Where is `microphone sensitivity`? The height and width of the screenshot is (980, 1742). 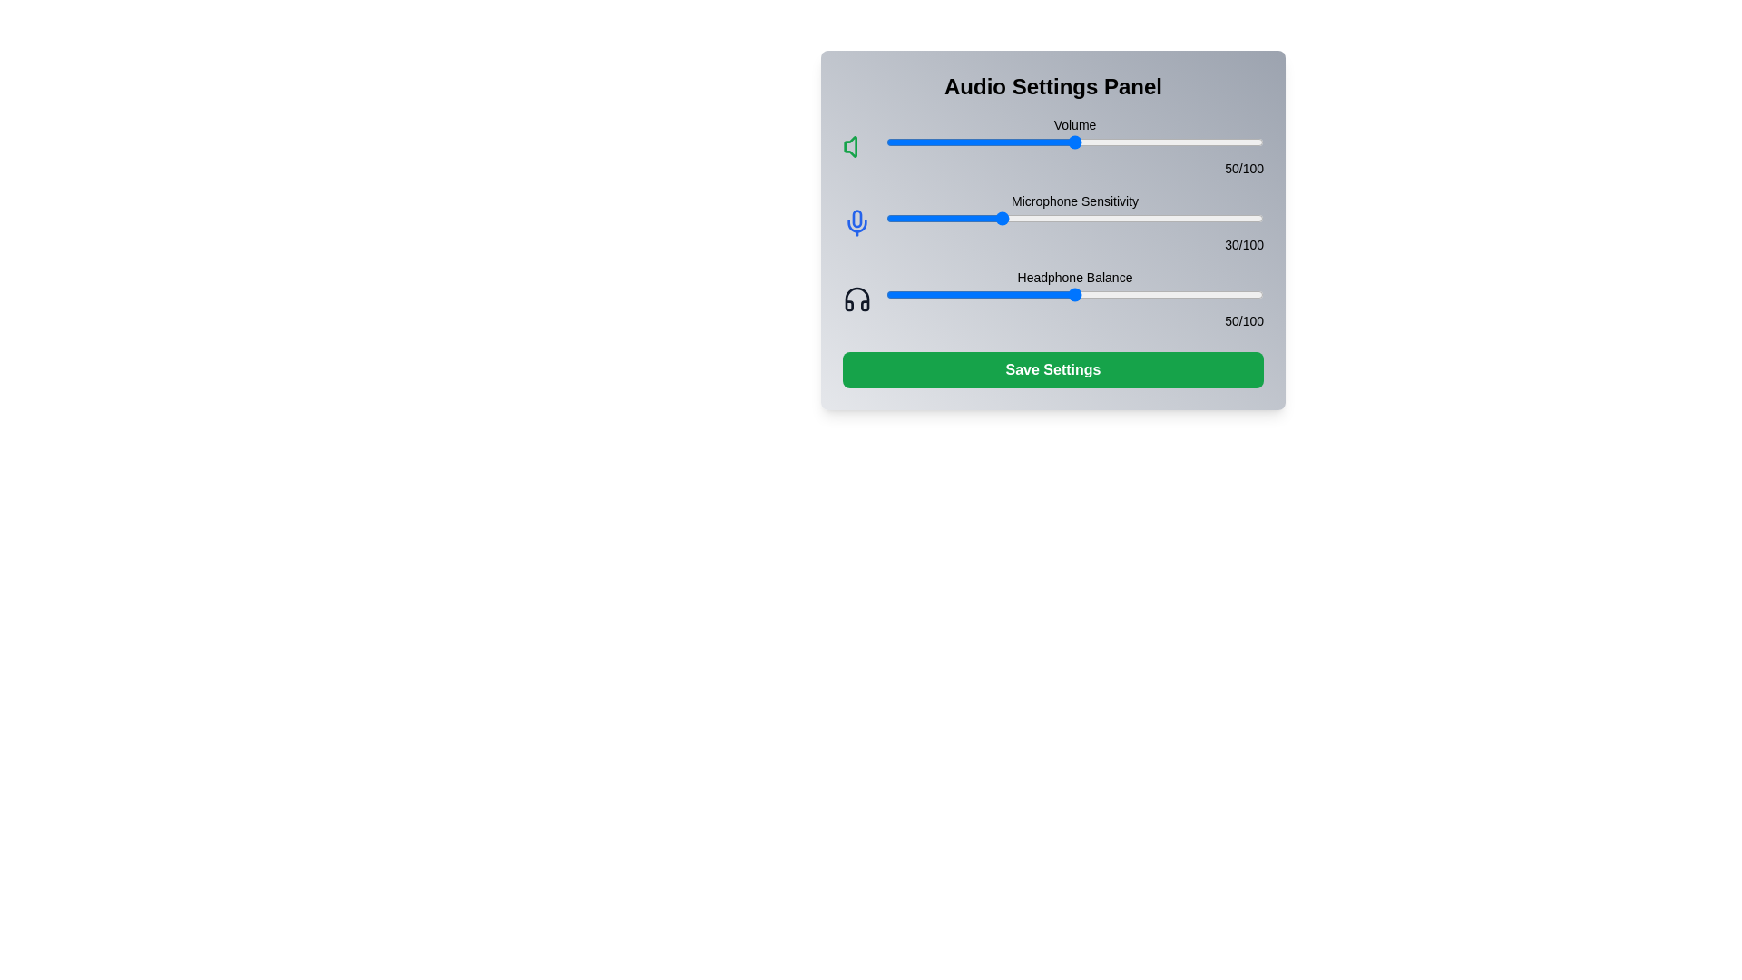
microphone sensitivity is located at coordinates (945, 217).